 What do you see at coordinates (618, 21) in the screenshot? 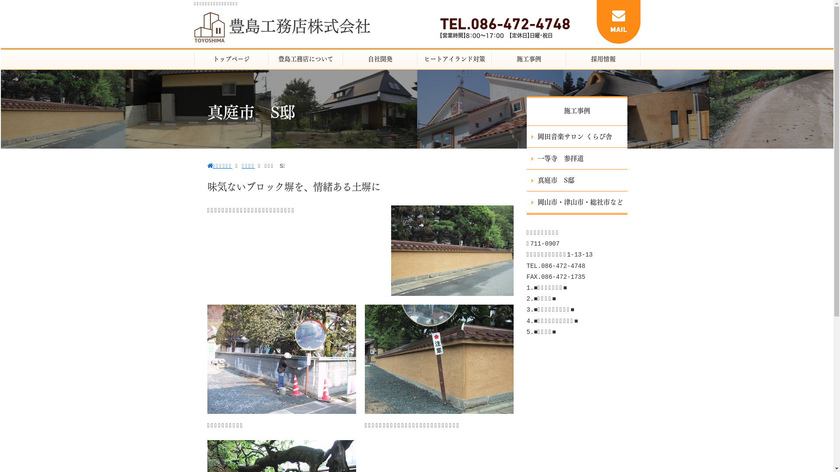
I see `'MAIL'` at bounding box center [618, 21].